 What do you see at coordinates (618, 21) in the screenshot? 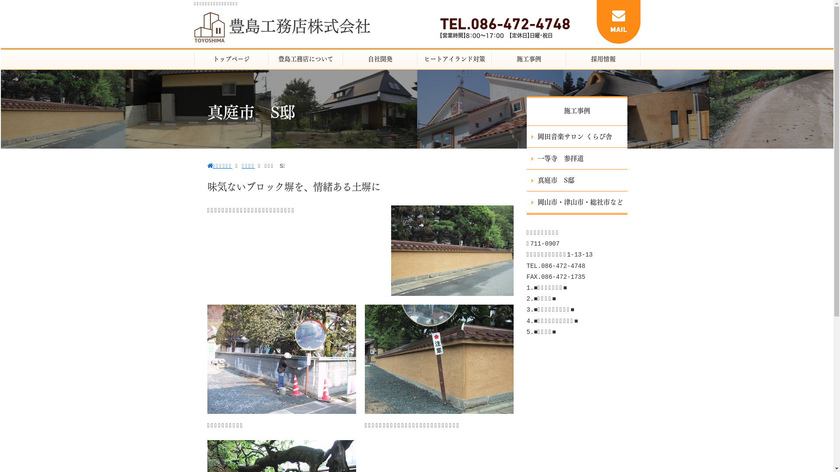
I see `'MAIL'` at bounding box center [618, 21].